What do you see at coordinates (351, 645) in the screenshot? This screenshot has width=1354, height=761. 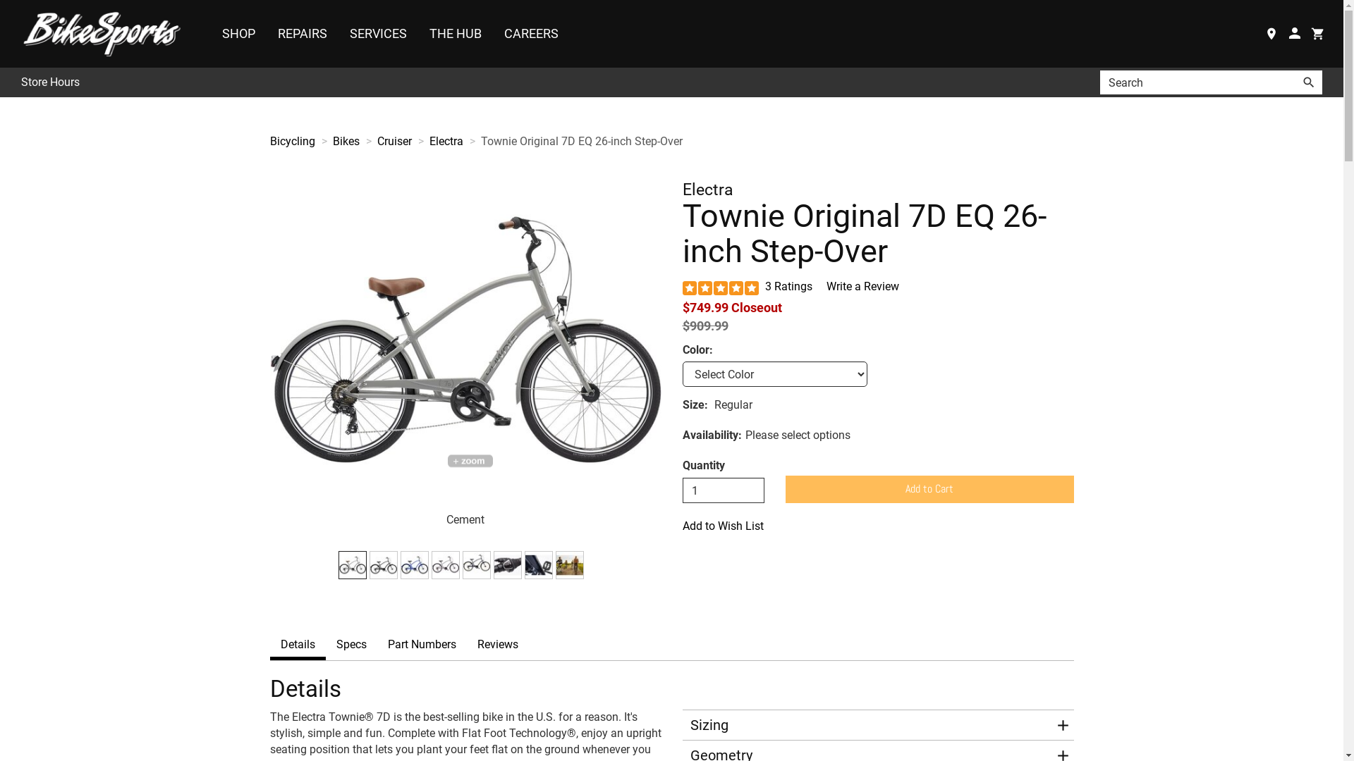 I see `'Specs'` at bounding box center [351, 645].